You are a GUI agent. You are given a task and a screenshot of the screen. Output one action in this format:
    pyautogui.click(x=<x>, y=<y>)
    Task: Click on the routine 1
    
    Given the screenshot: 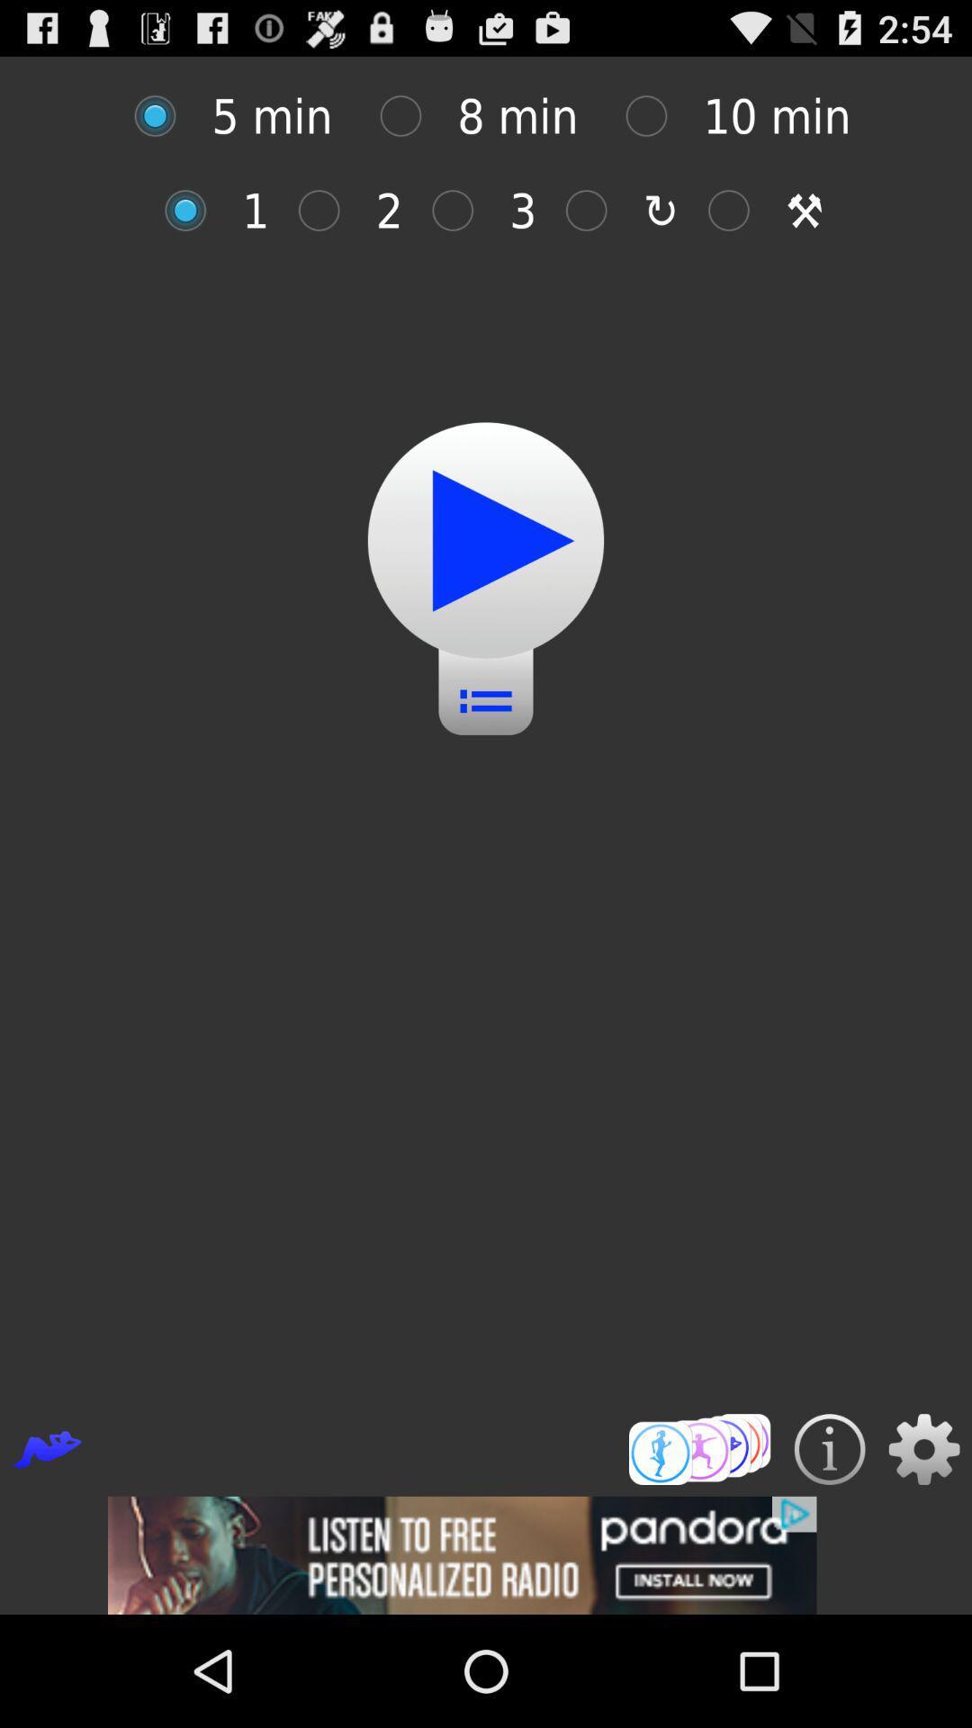 What is the action you would take?
    pyautogui.click(x=194, y=211)
    